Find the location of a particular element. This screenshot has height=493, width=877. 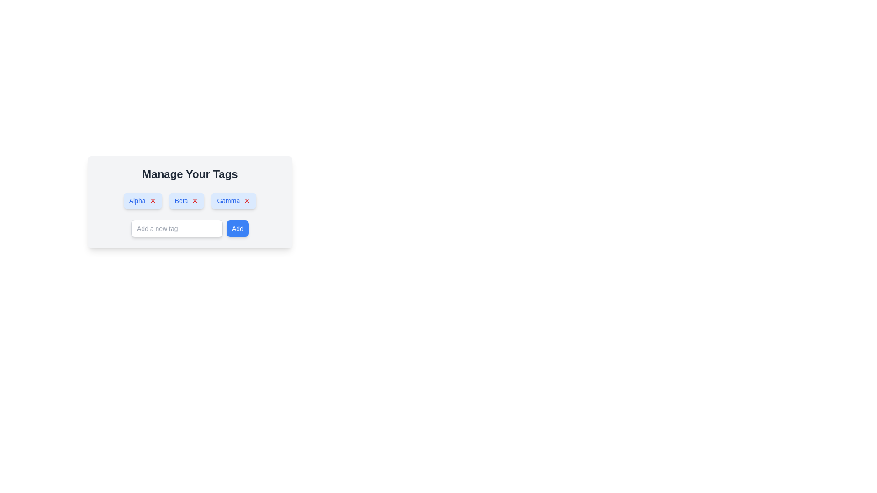

the delete button for the 'Gamma' tag is located at coordinates (247, 200).